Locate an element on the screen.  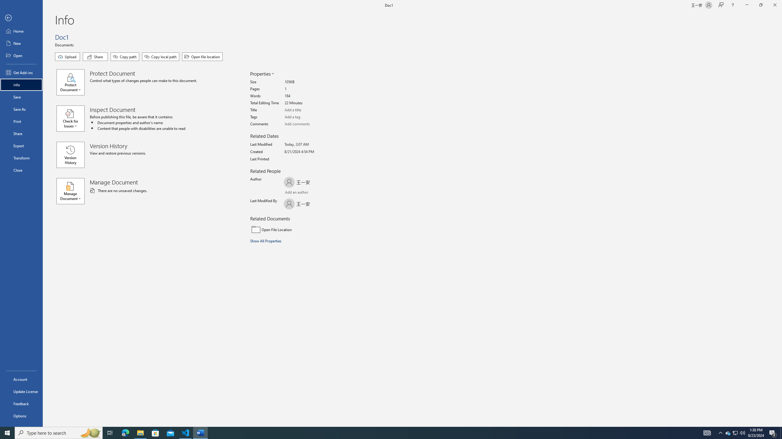
'Print' is located at coordinates (21, 121).